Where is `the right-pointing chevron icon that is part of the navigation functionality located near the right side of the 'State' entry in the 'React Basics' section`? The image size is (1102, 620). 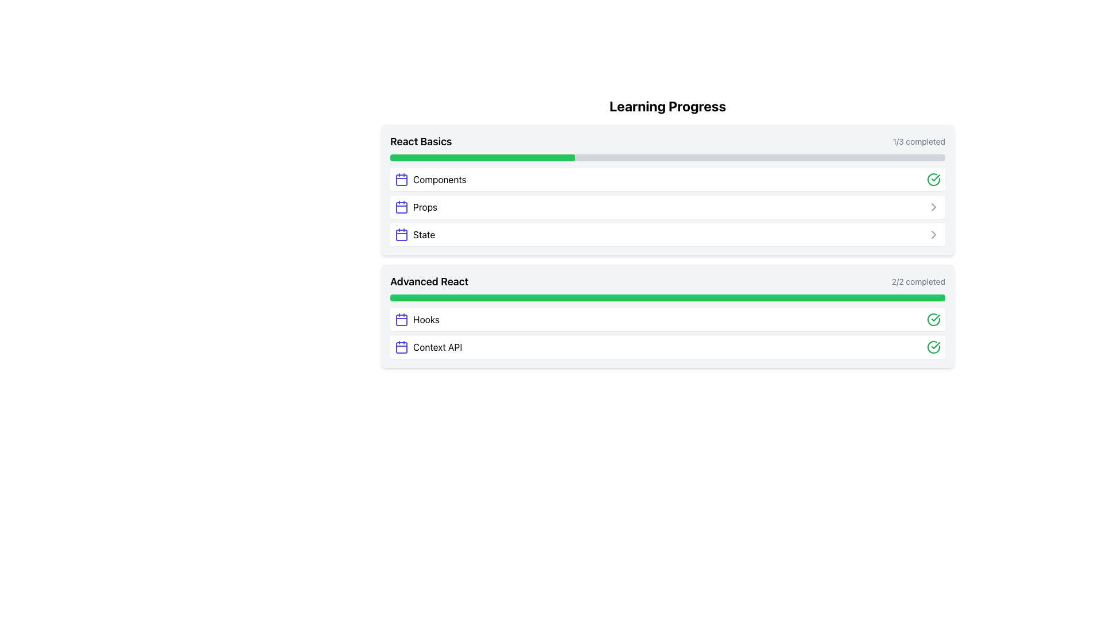
the right-pointing chevron icon that is part of the navigation functionality located near the right side of the 'State' entry in the 'React Basics' section is located at coordinates (934, 207).